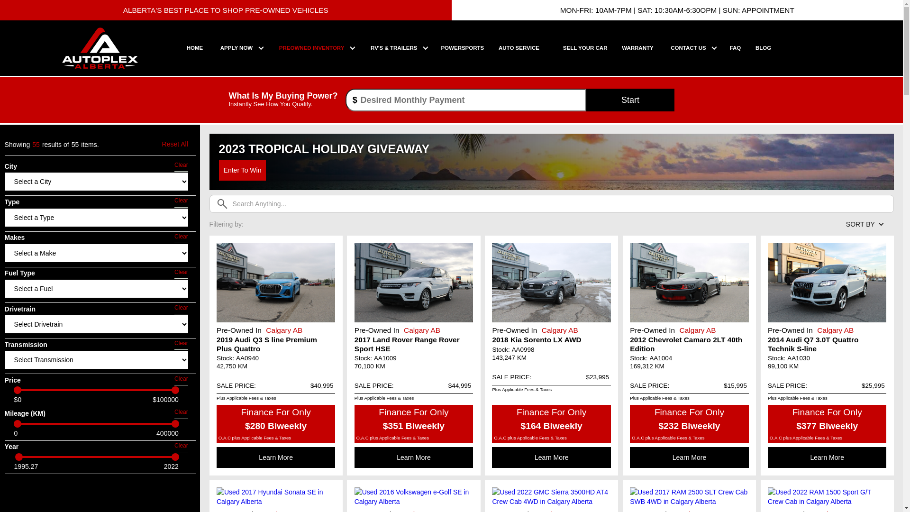 The image size is (910, 512). Describe the element at coordinates (393, 48) in the screenshot. I see `'RV'S & TRAILERS'` at that location.